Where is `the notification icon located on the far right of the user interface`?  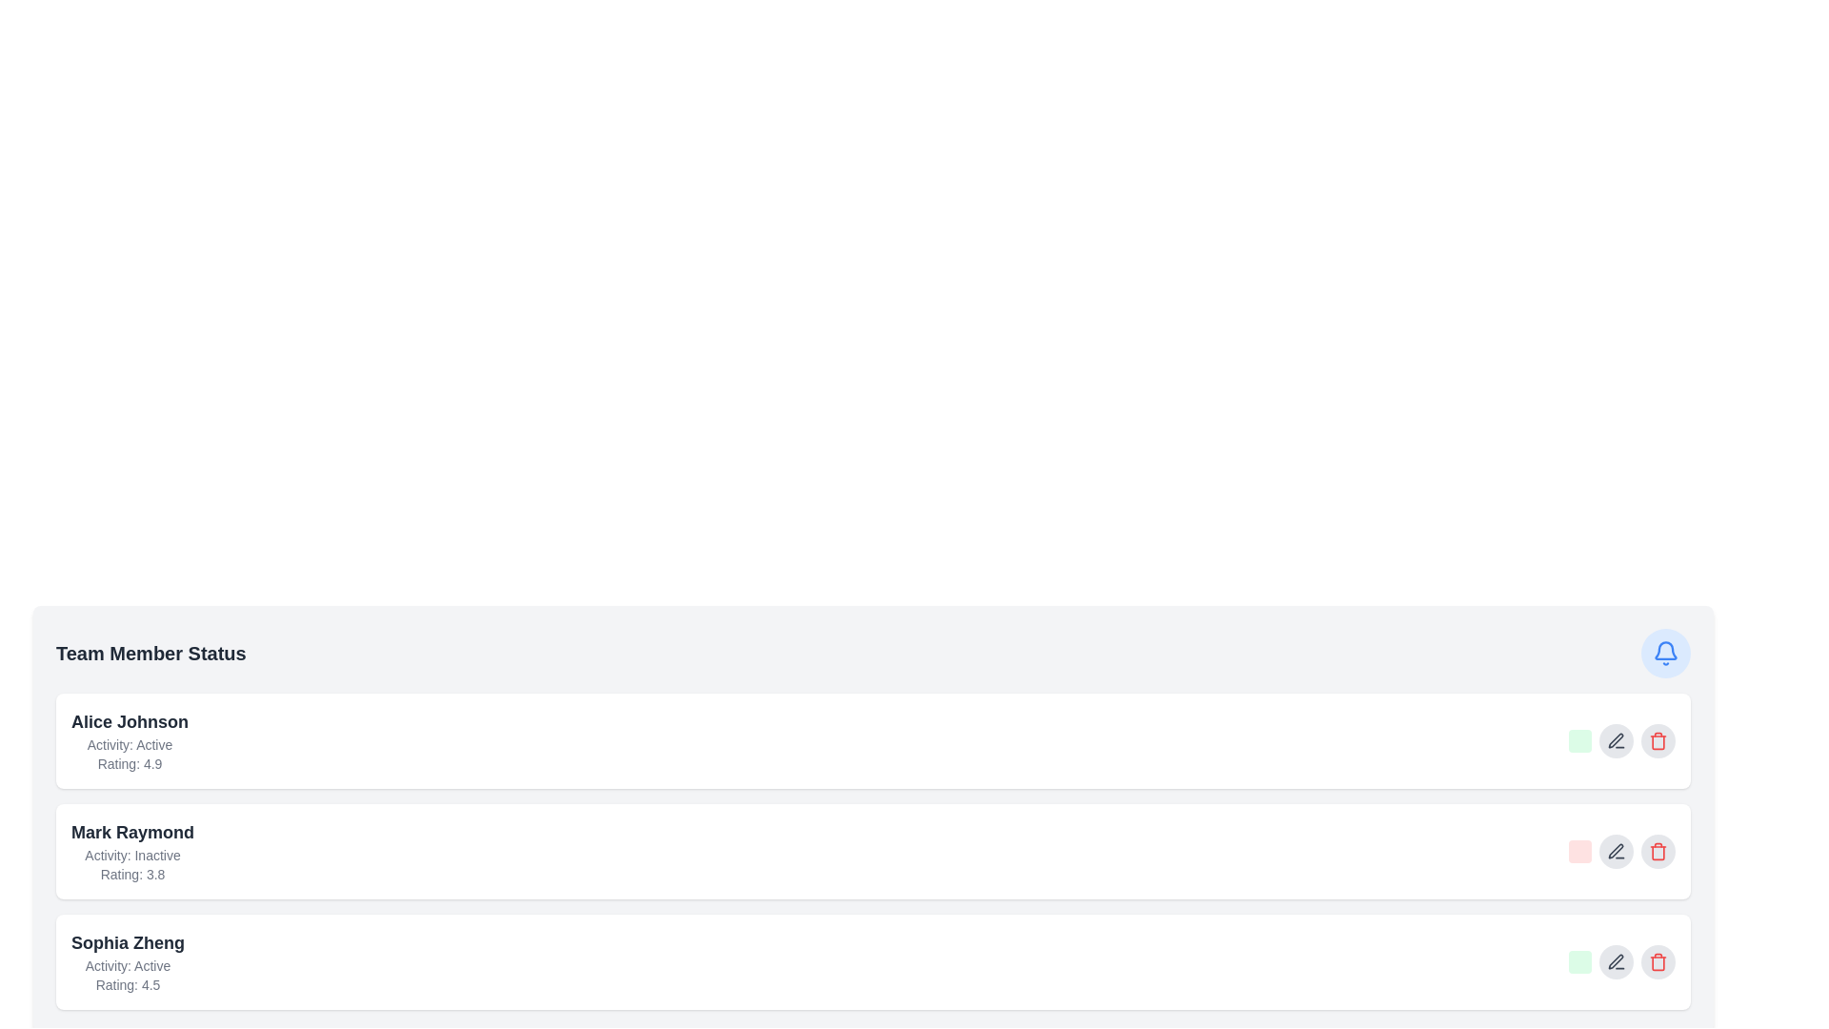 the notification icon located on the far right of the user interface is located at coordinates (1664, 650).